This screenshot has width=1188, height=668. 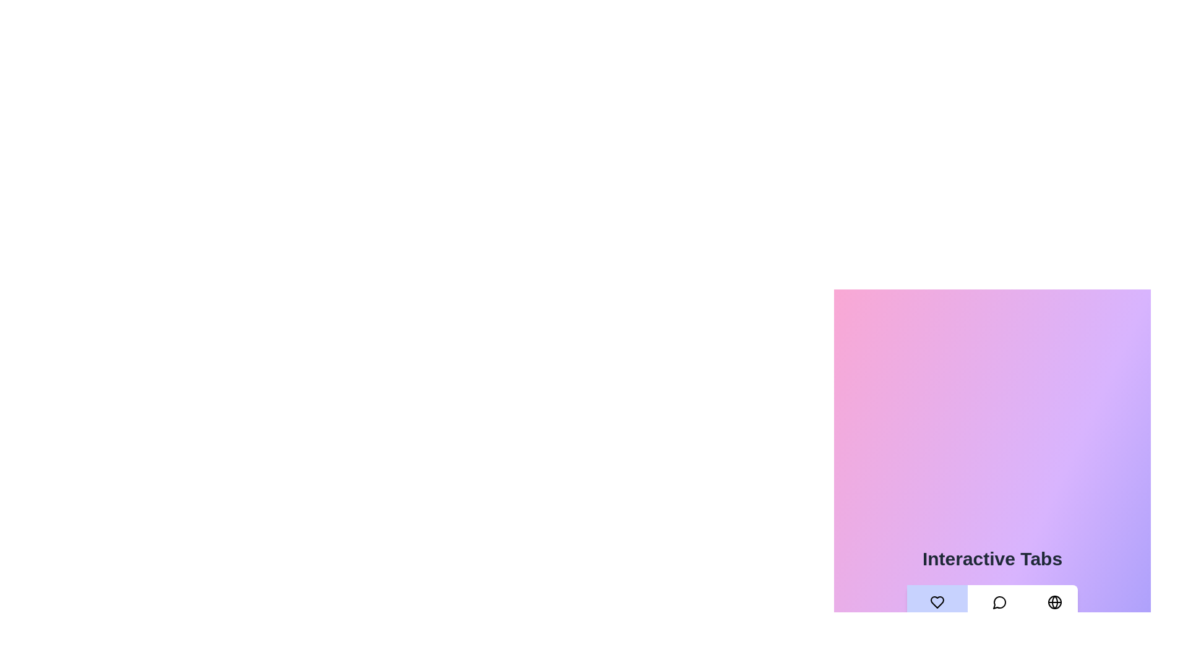 What do you see at coordinates (1000, 602) in the screenshot?
I see `the icon of the Messages tab to activate it` at bounding box center [1000, 602].